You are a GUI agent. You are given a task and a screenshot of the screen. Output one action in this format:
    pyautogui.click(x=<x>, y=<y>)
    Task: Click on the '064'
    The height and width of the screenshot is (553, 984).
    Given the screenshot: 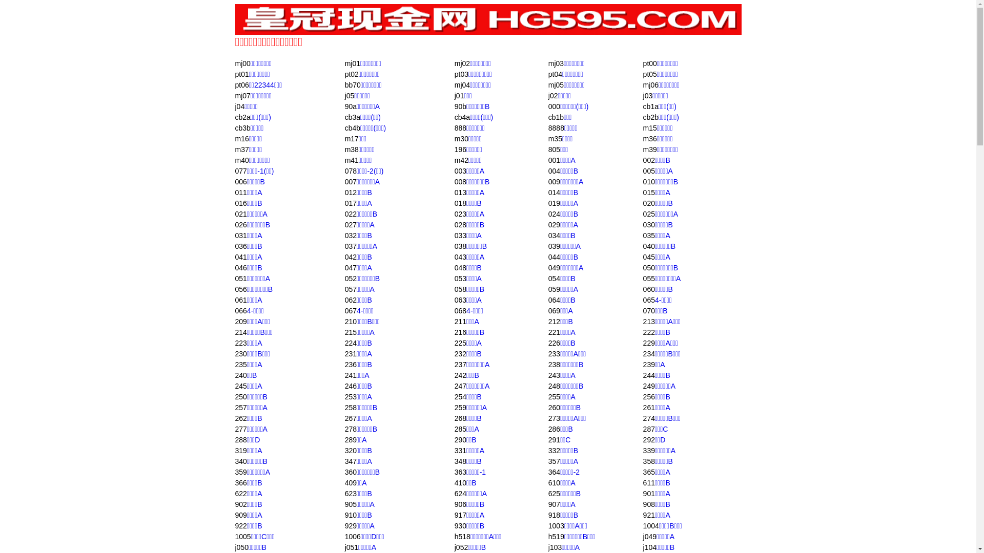 What is the action you would take?
    pyautogui.click(x=553, y=300)
    